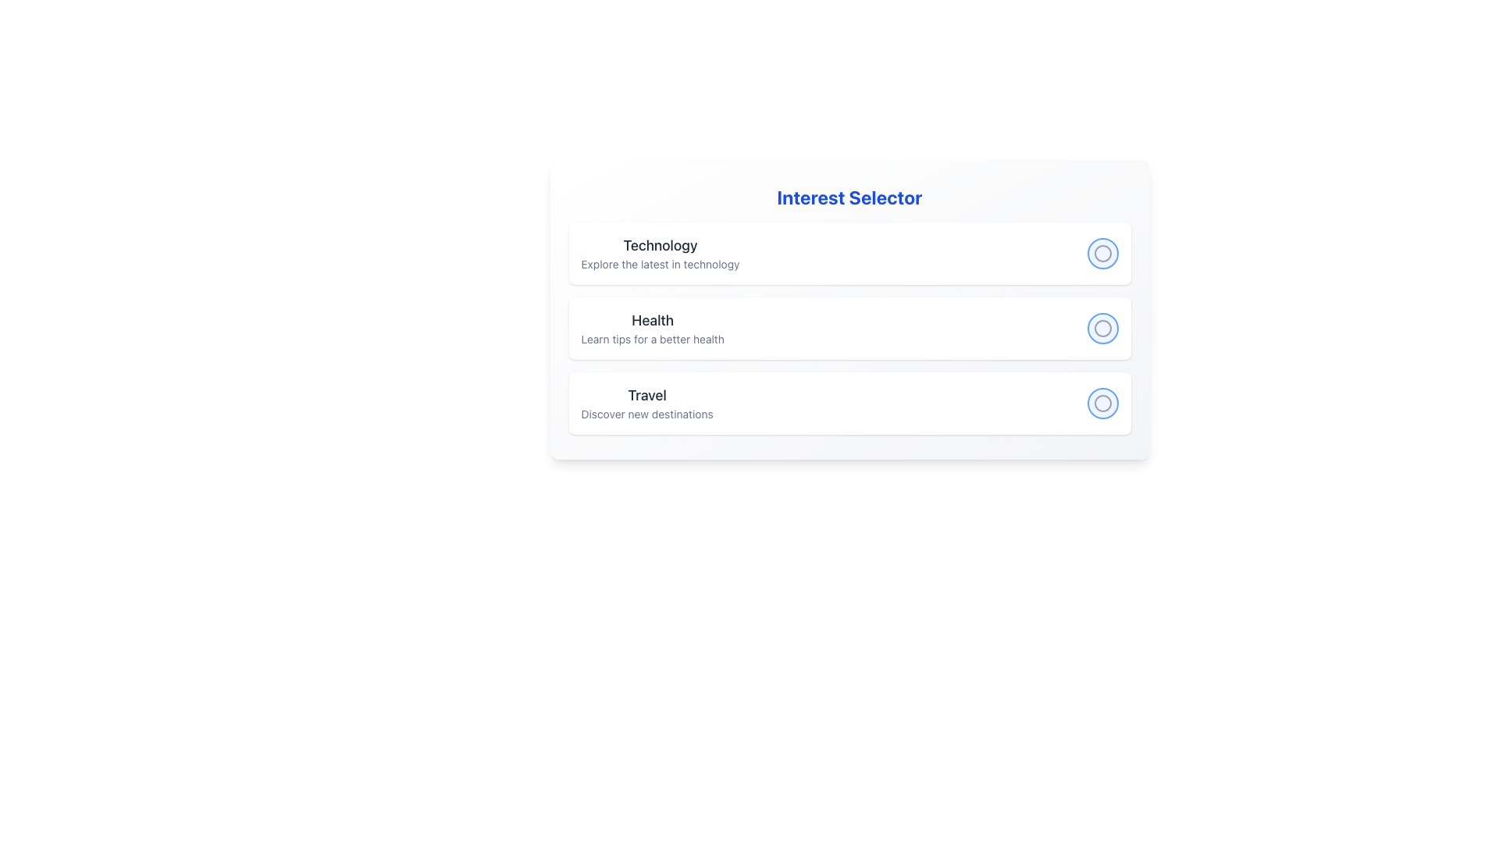  Describe the element at coordinates (1102, 402) in the screenshot. I see `the radio button located in the bottom right corner of the 'Travel' card, which contains the text 'Discover new destinations'` at that location.